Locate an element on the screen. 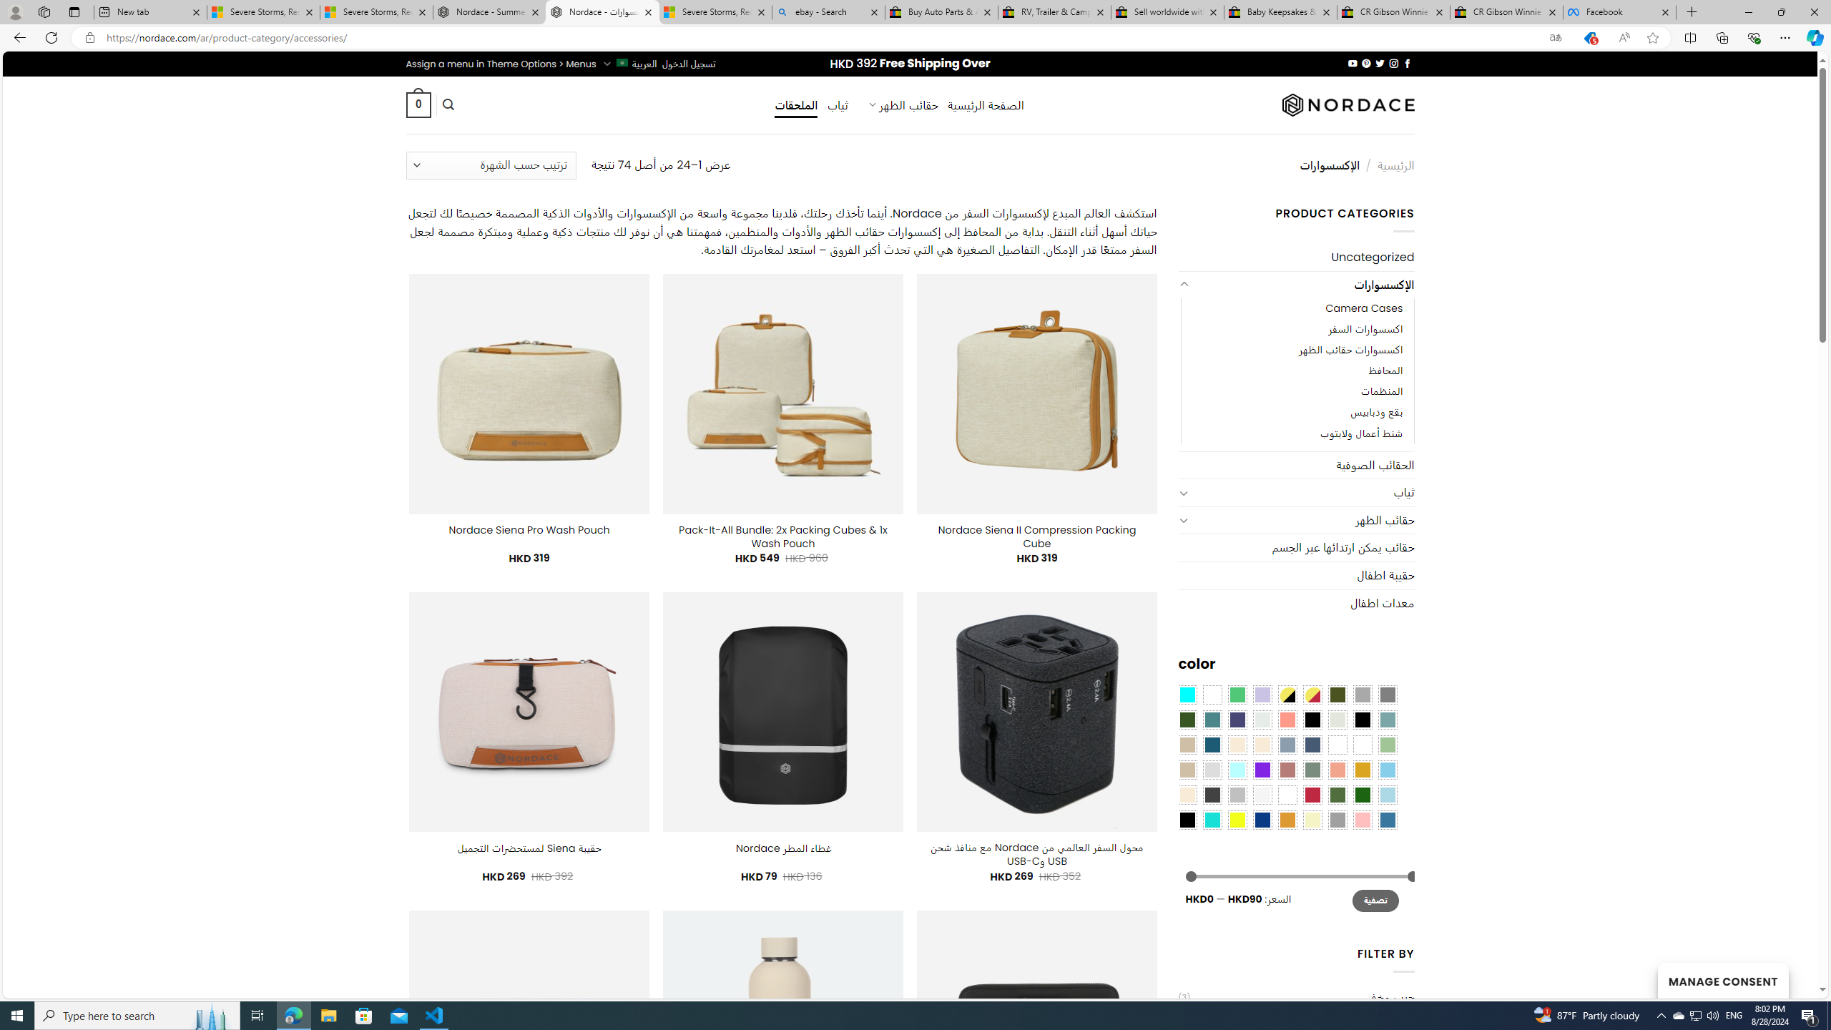  'Light Purple' is located at coordinates (1262, 693).